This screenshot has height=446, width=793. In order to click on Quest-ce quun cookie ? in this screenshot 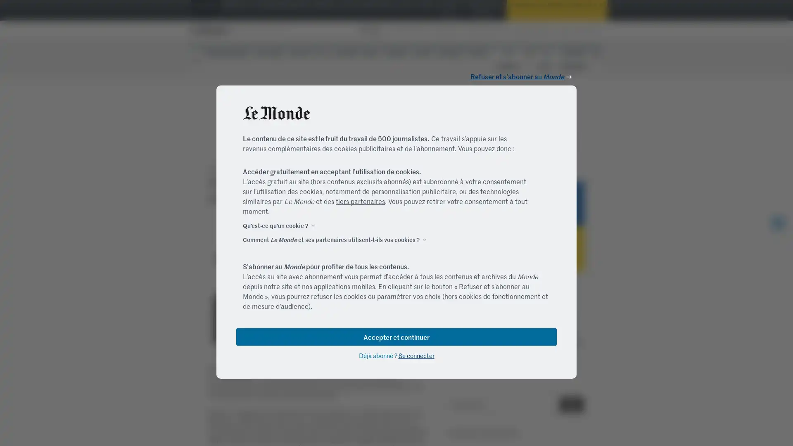, I will do `click(275, 225)`.